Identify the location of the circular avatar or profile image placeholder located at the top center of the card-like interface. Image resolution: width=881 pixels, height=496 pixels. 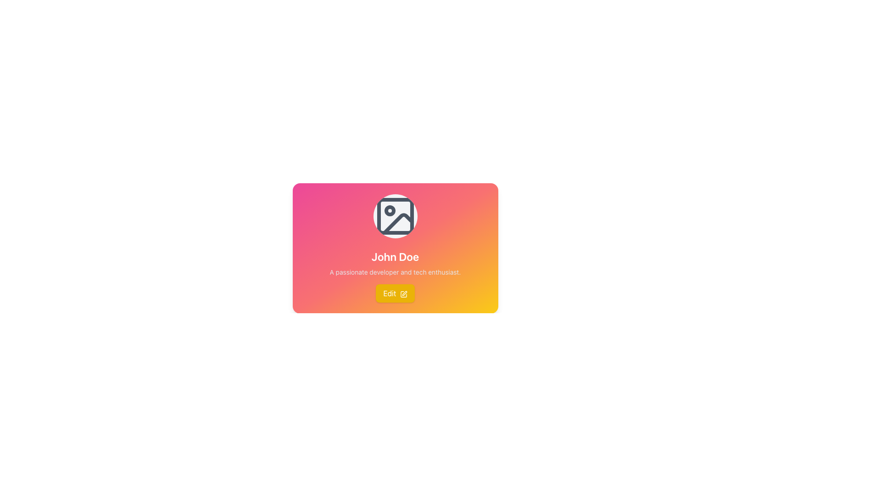
(395, 216).